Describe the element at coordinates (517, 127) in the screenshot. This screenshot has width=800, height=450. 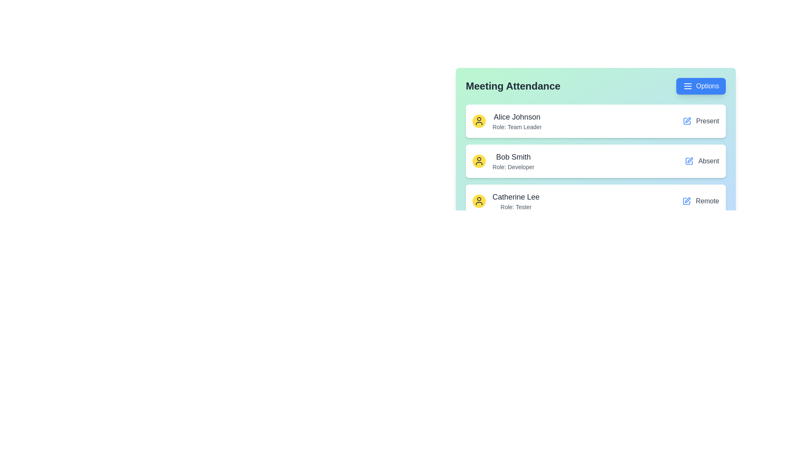
I see `the text label displaying 'Role: Team Leader', which is located directly beneath 'Alice Johnson' in the Meeting Attendance list, to focus on it` at that location.